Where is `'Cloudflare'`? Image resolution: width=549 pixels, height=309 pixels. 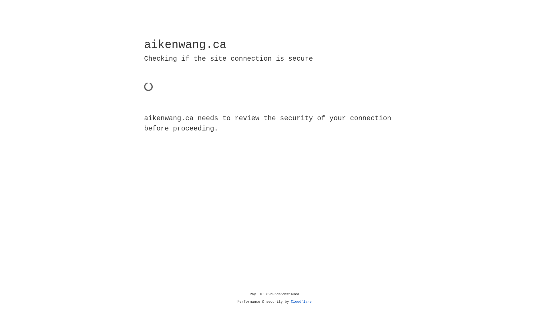
'Cloudflare' is located at coordinates (291, 302).